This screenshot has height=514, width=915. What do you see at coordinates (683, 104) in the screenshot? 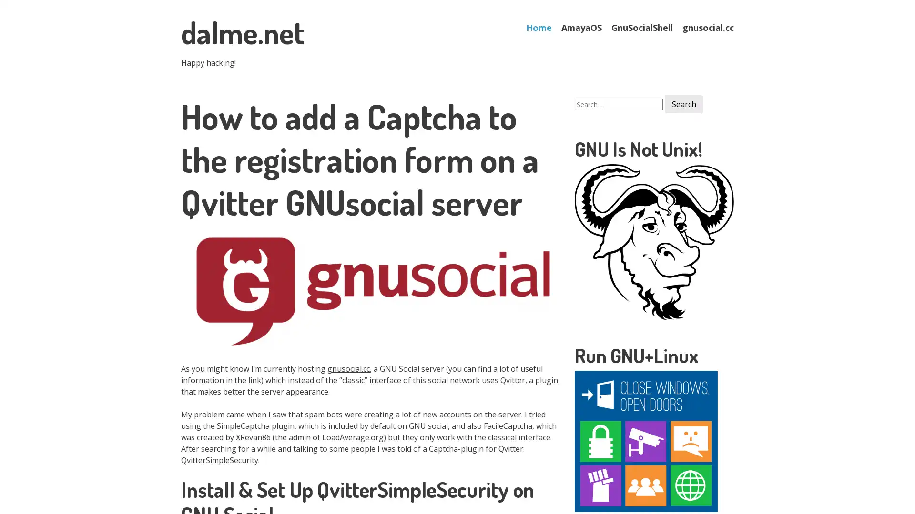
I see `Search` at bounding box center [683, 104].